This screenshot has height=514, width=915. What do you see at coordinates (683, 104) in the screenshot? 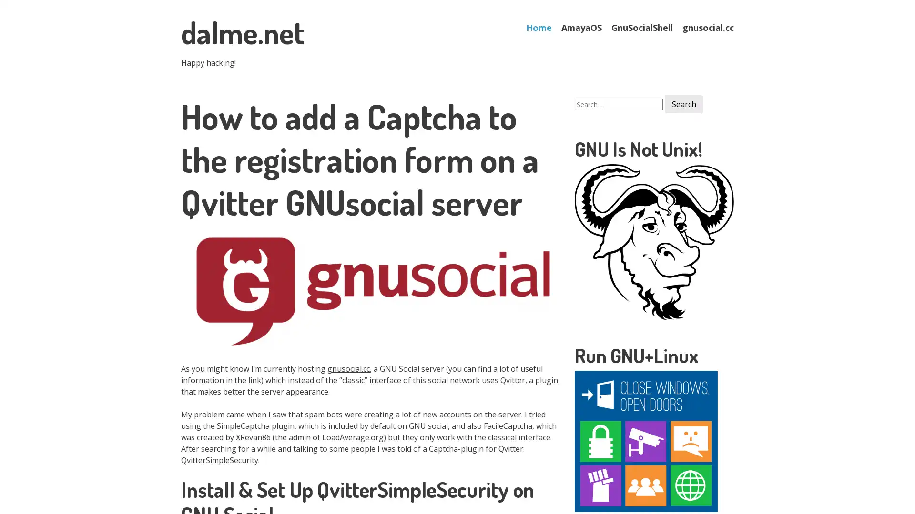
I see `Search` at bounding box center [683, 104].